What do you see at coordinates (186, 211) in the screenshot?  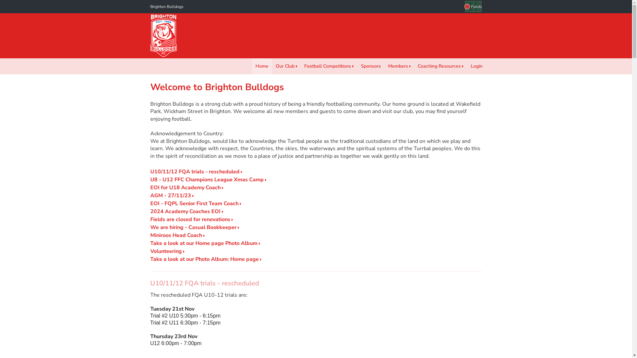 I see `'2024 Academy Coaches EOI'` at bounding box center [186, 211].